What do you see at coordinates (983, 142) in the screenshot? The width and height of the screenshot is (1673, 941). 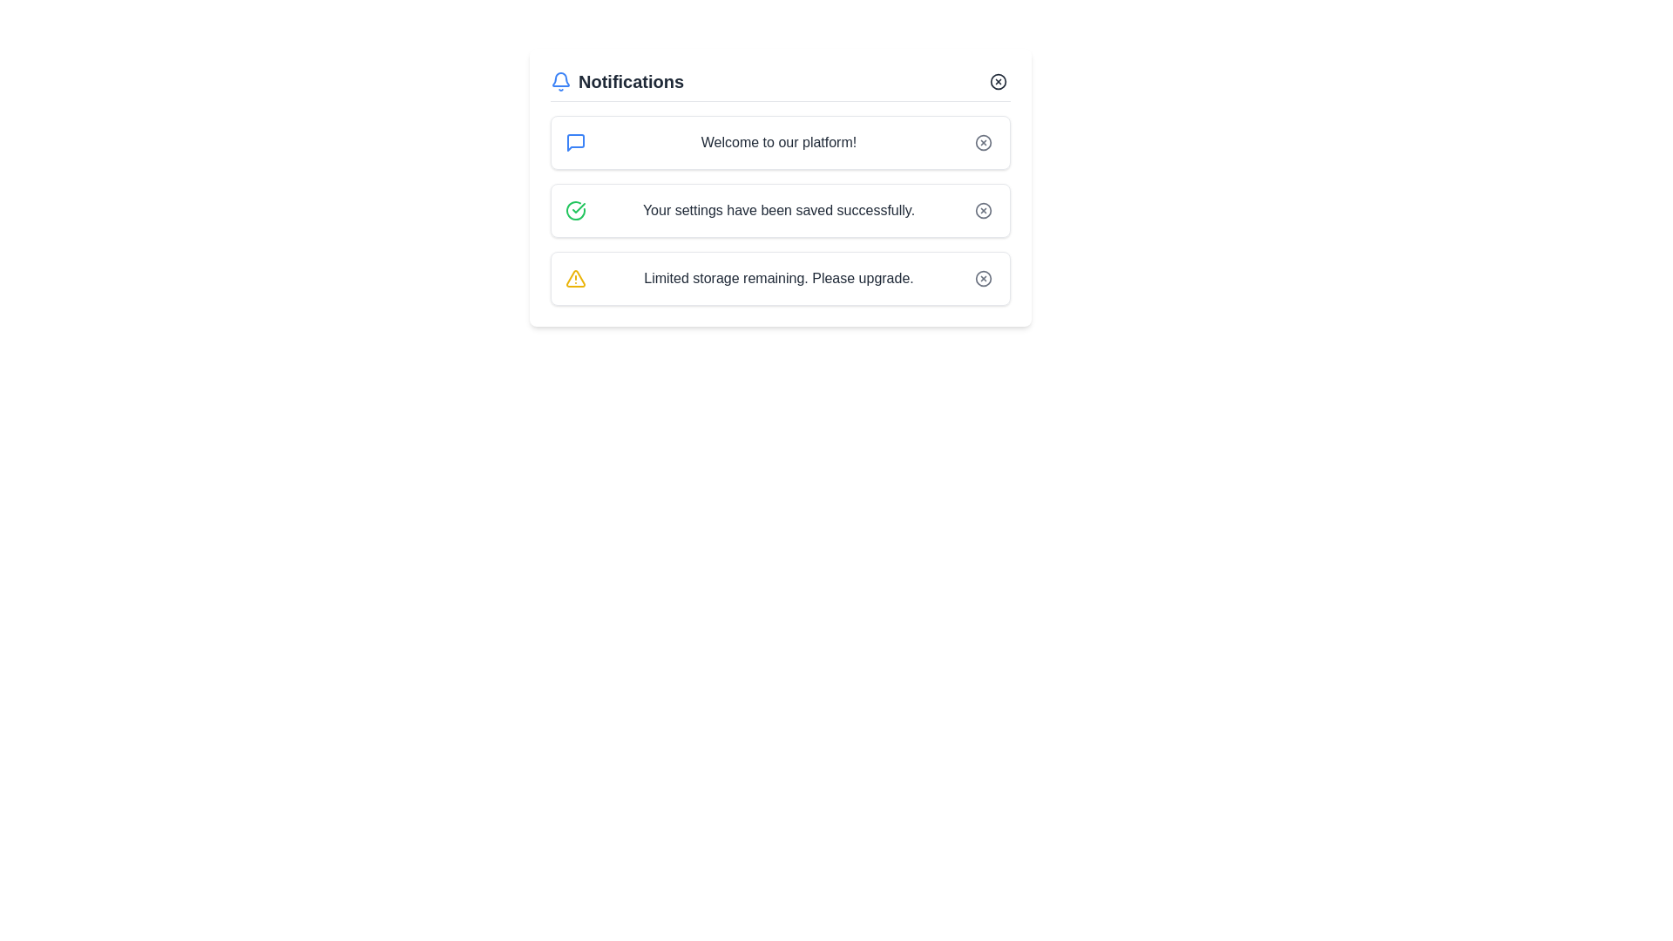 I see `the small circular button with an 'X' icon, located to the right of the notification message 'Welcome to our platform!'` at bounding box center [983, 142].